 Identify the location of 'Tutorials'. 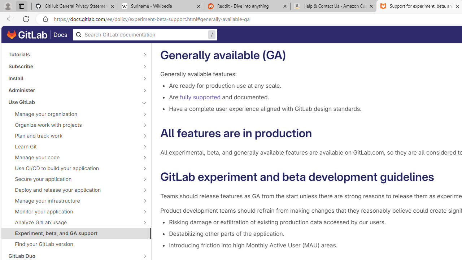
(72, 54).